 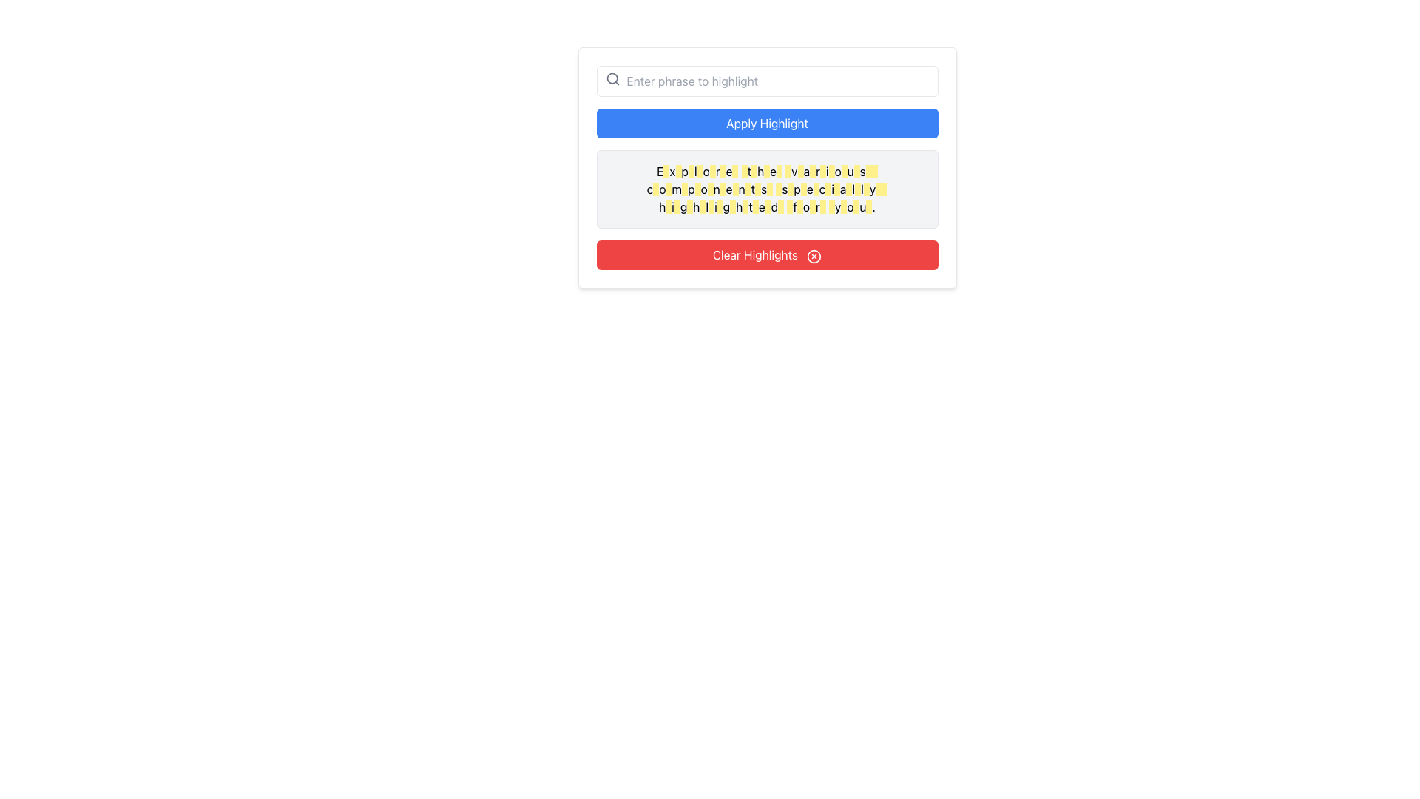 I want to click on the small, rectangular, yellow decorative block located at the end of the word 'highlighted' in the phrase 'Explore the various components specially highlighted for you.', so click(x=720, y=207).